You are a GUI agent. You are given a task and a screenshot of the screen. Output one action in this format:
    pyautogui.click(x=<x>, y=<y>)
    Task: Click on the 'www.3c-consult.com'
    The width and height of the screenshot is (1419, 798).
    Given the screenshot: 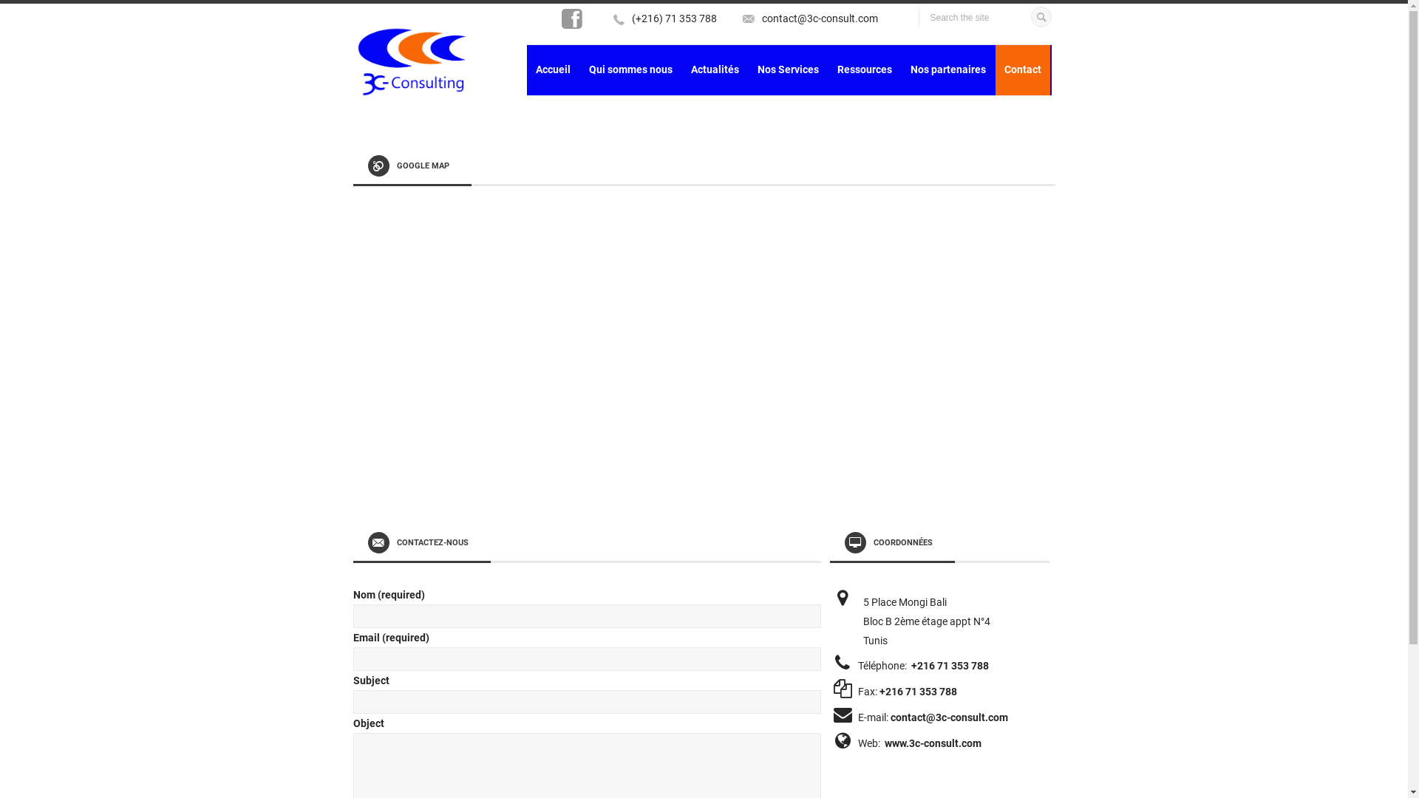 What is the action you would take?
    pyautogui.click(x=932, y=743)
    